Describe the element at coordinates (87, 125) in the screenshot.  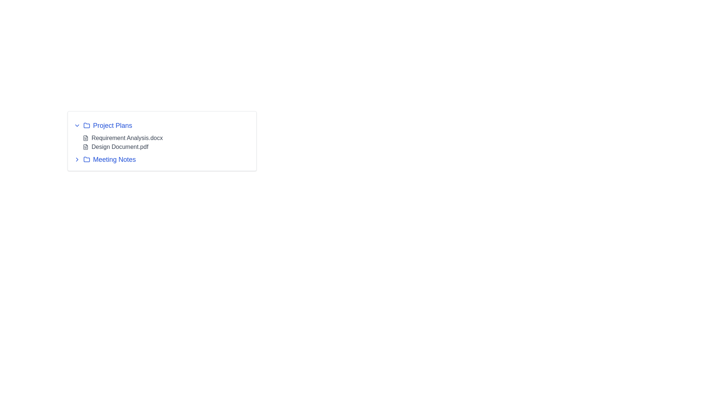
I see `the folder icon representing 'Project Plans'` at that location.